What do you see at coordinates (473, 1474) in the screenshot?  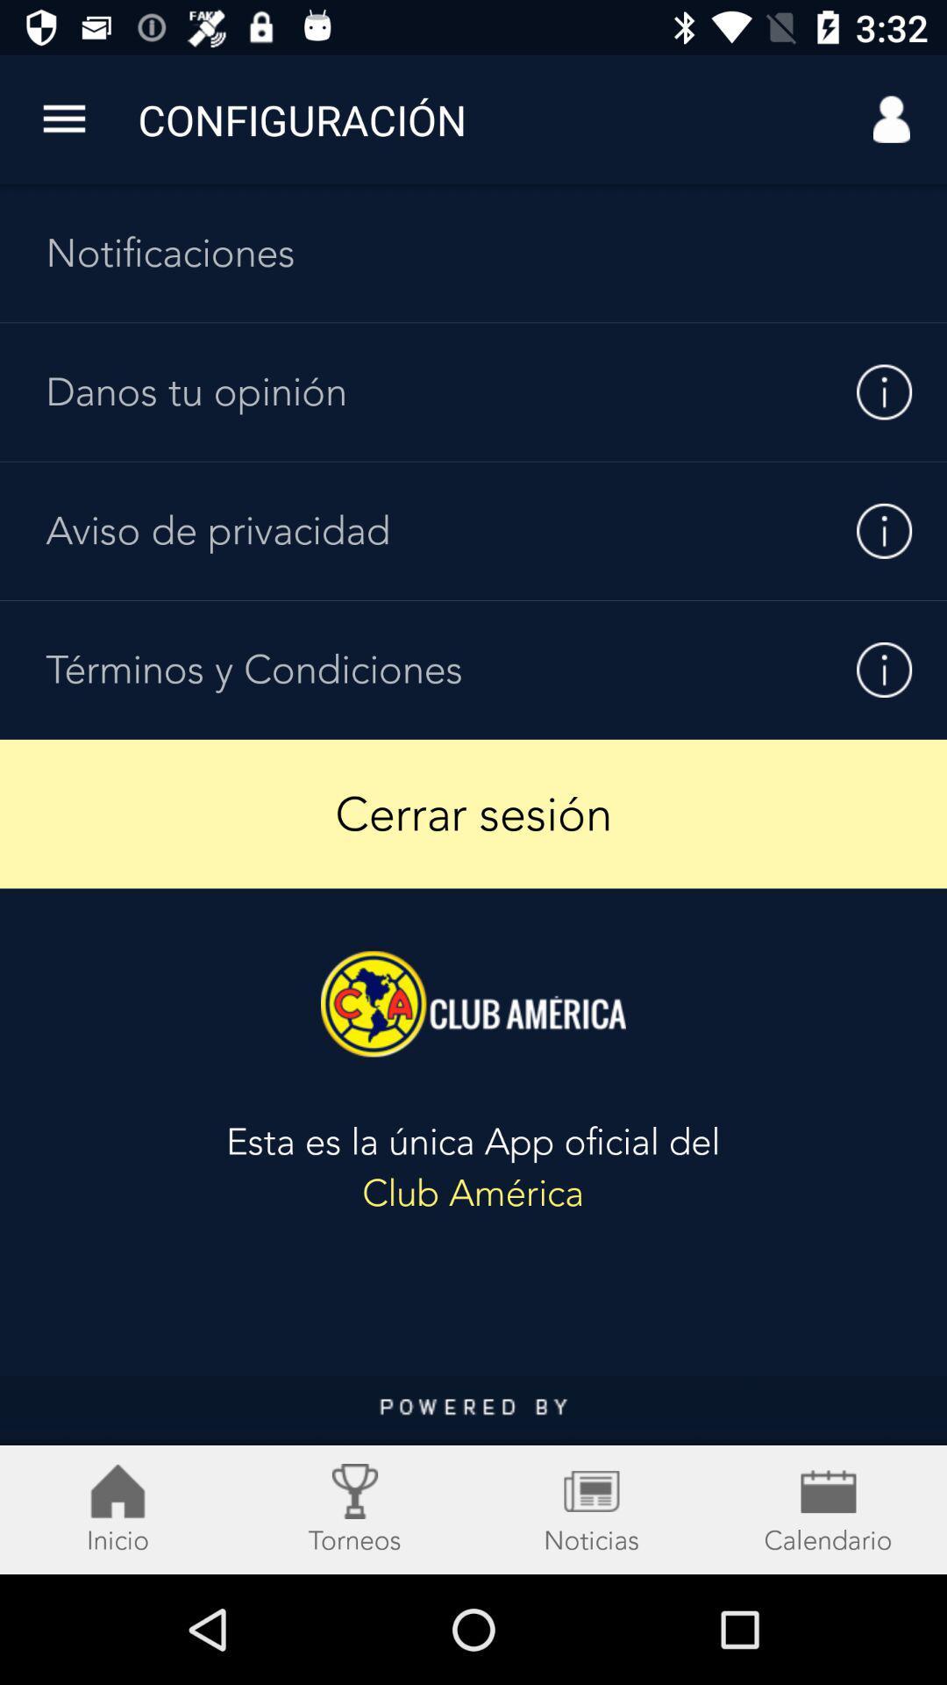 I see `menu` at bounding box center [473, 1474].